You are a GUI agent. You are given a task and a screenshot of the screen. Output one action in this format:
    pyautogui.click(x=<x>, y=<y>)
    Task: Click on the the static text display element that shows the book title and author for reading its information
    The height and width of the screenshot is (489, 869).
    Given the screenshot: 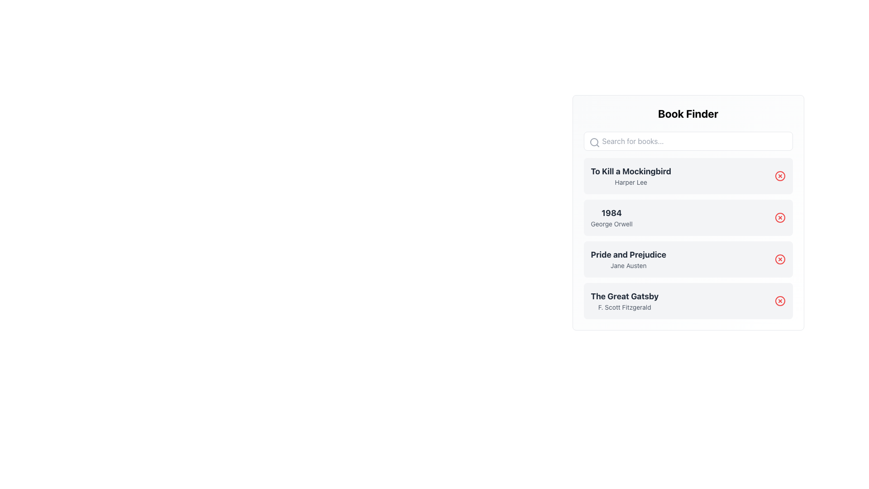 What is the action you would take?
    pyautogui.click(x=630, y=176)
    